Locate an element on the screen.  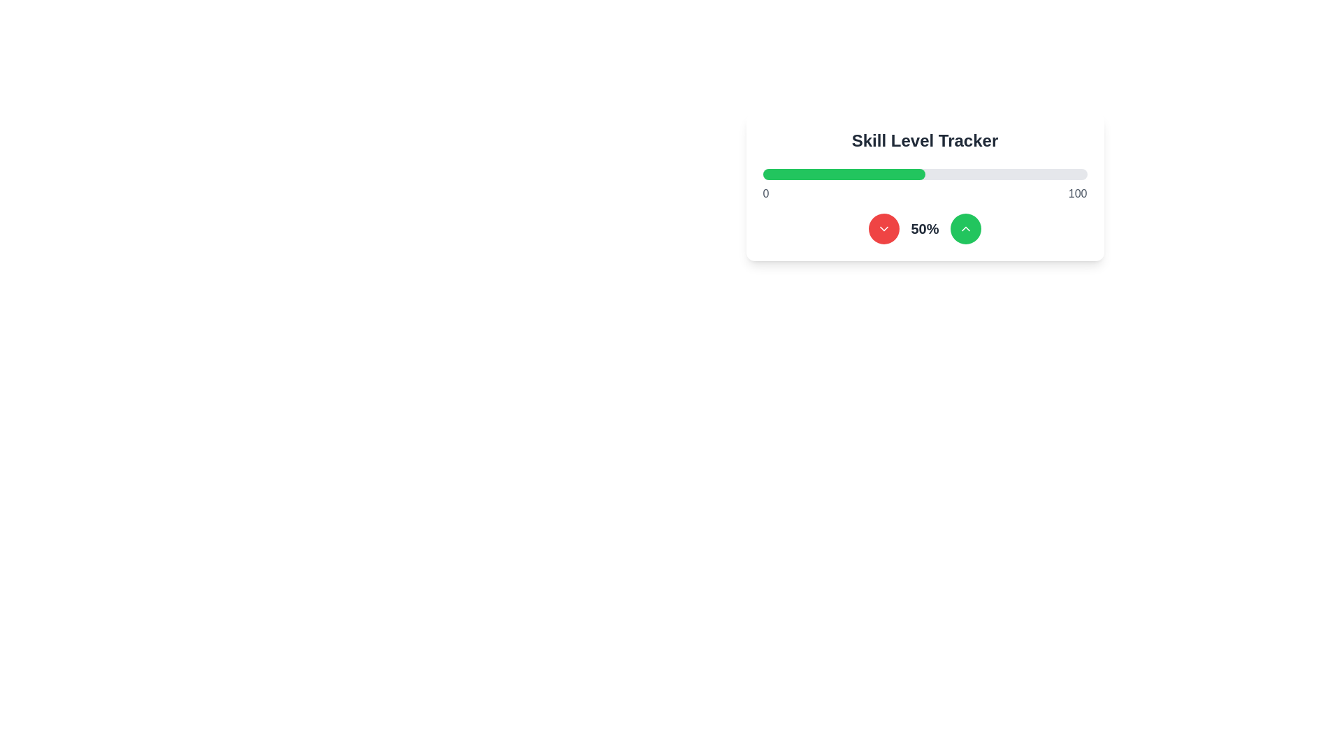
the red circular button with a chevron-down symbol is located at coordinates (883, 228).